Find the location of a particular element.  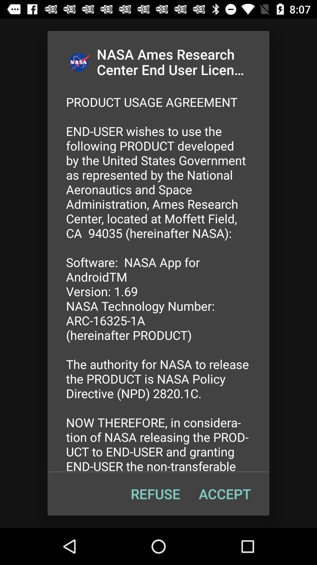

item at the bottom right corner is located at coordinates (225, 494).